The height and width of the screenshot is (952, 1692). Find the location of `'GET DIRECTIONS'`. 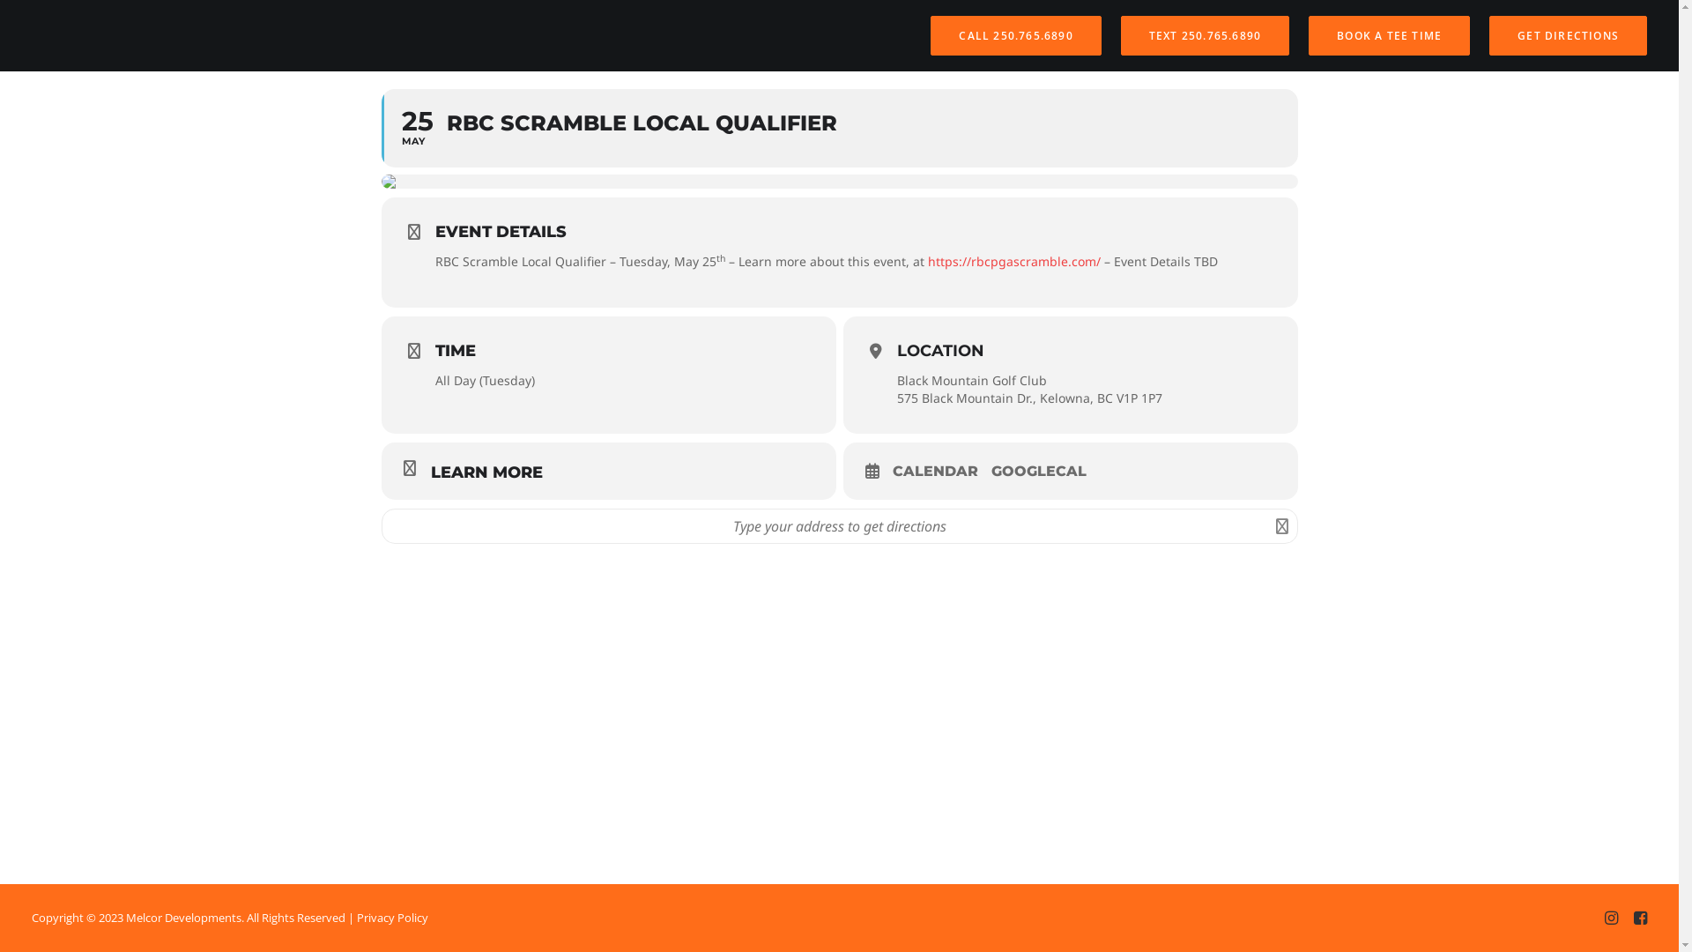

'GET DIRECTIONS' is located at coordinates (1564, 35).